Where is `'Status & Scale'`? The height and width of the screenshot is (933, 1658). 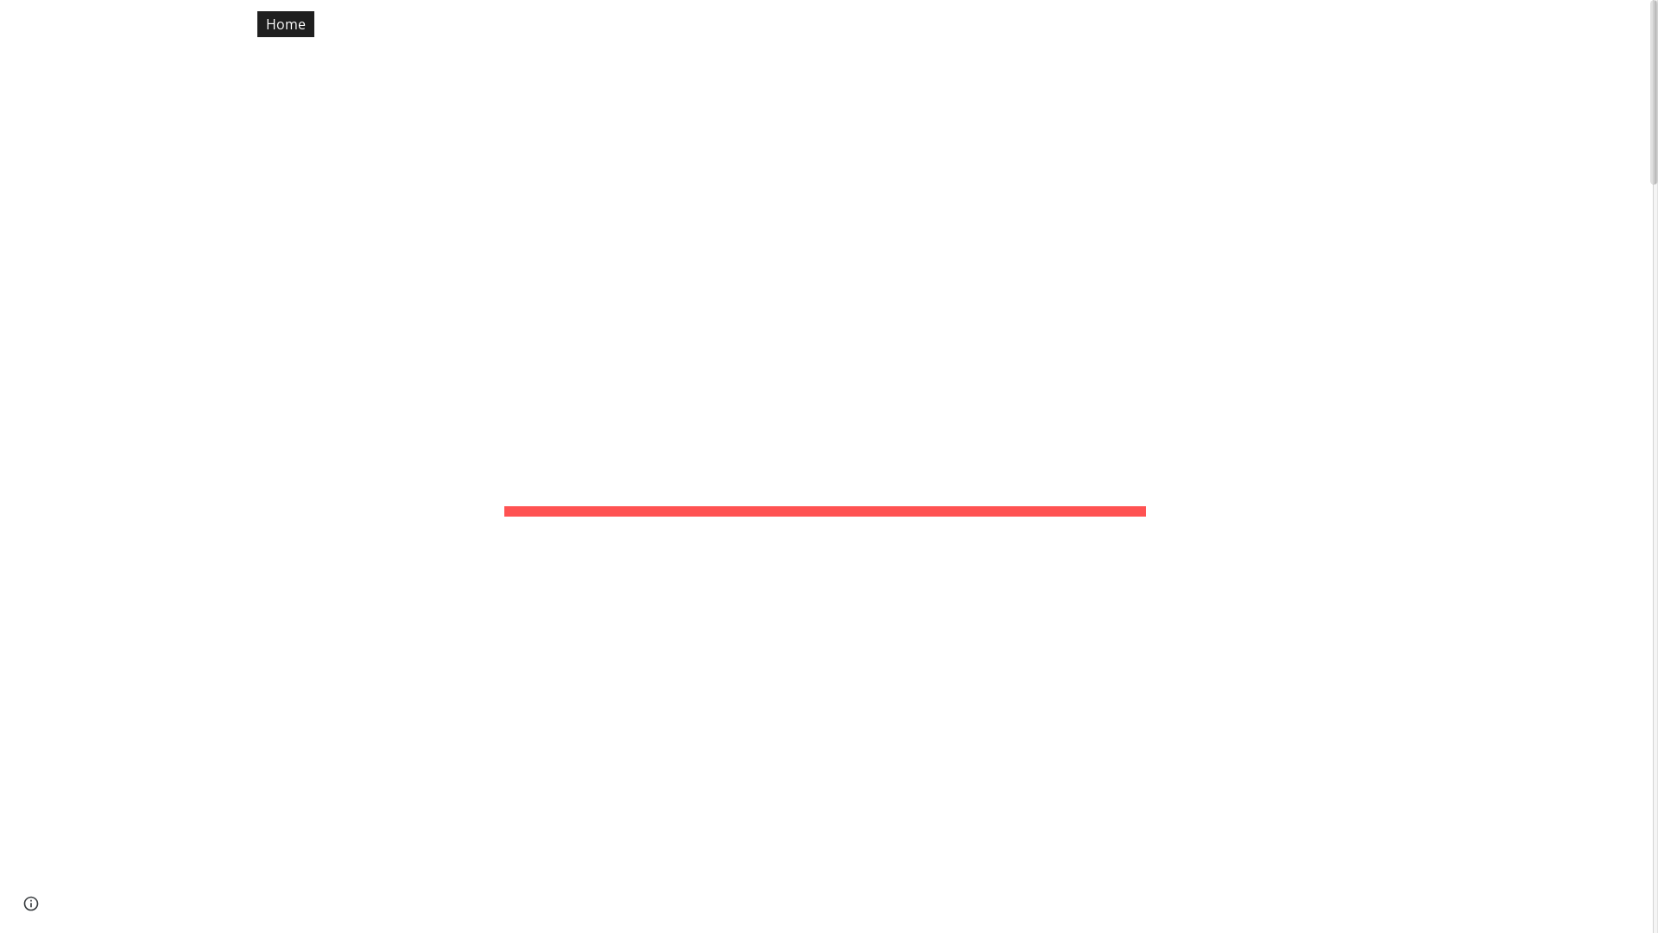 'Status & Scale' is located at coordinates (380, 23).